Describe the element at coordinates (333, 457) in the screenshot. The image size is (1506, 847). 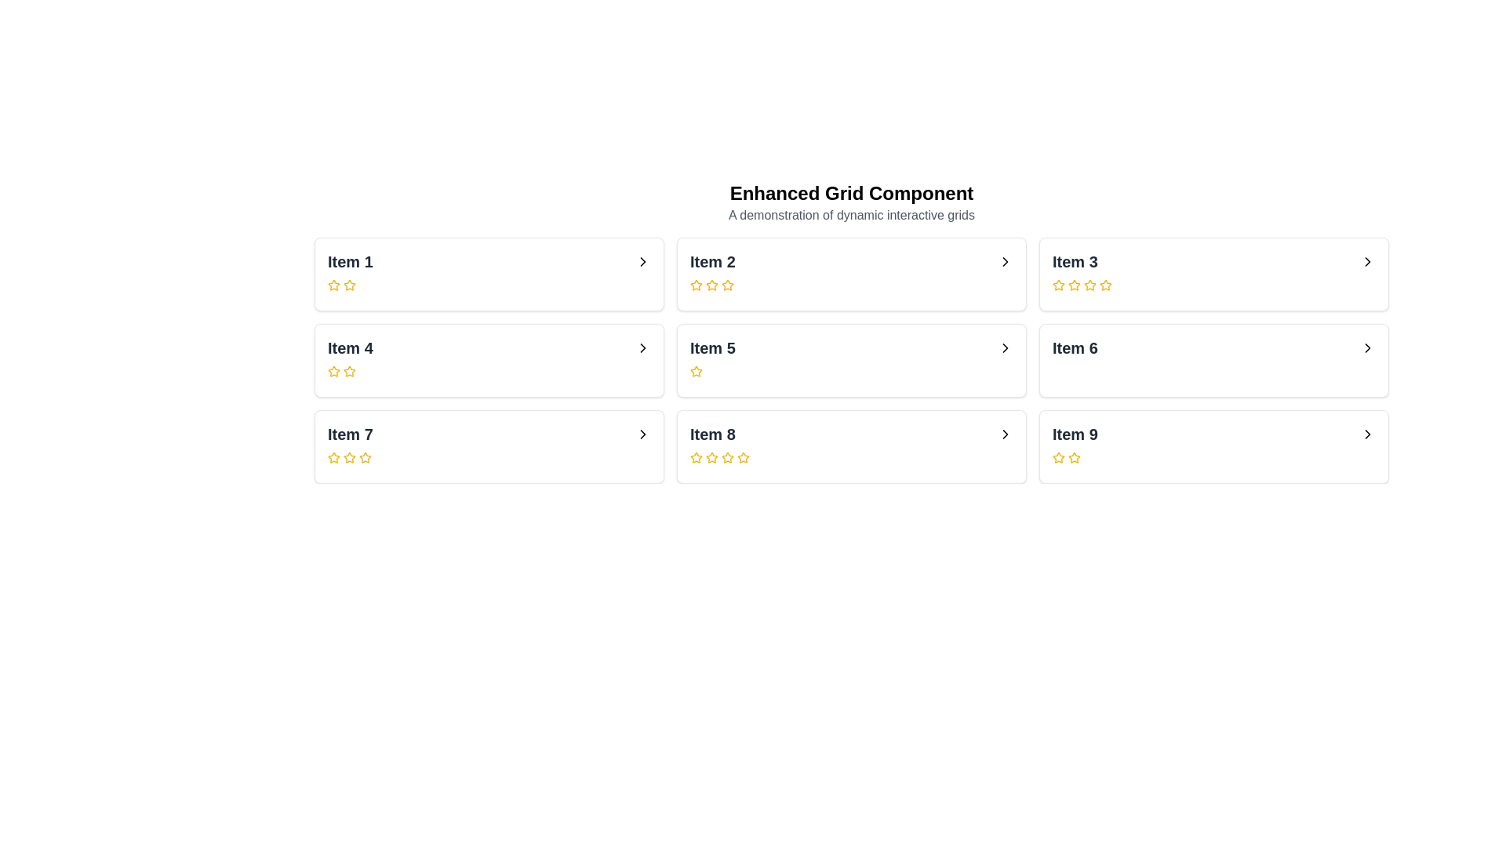
I see `the second star in the rating component of 'Item 7' to set or modify its rating` at that location.